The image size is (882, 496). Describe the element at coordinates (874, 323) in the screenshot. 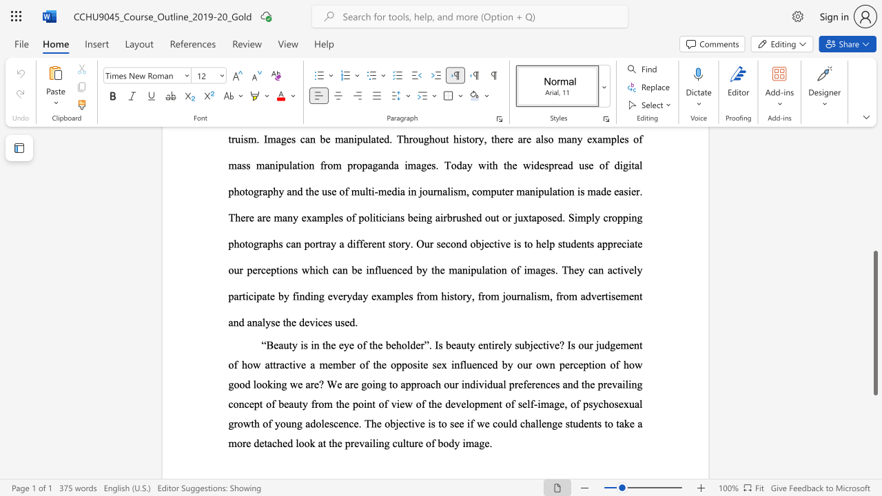

I see `the scrollbar and move up 90 pixels` at that location.